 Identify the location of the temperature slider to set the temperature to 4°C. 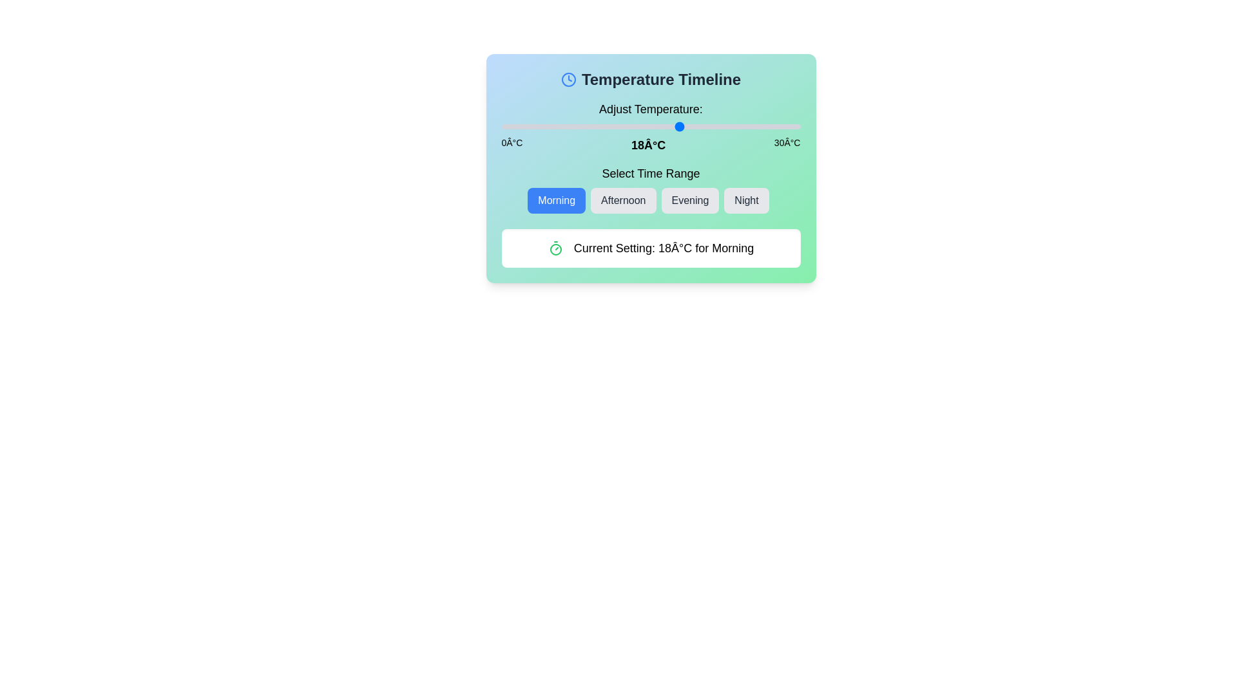
(541, 126).